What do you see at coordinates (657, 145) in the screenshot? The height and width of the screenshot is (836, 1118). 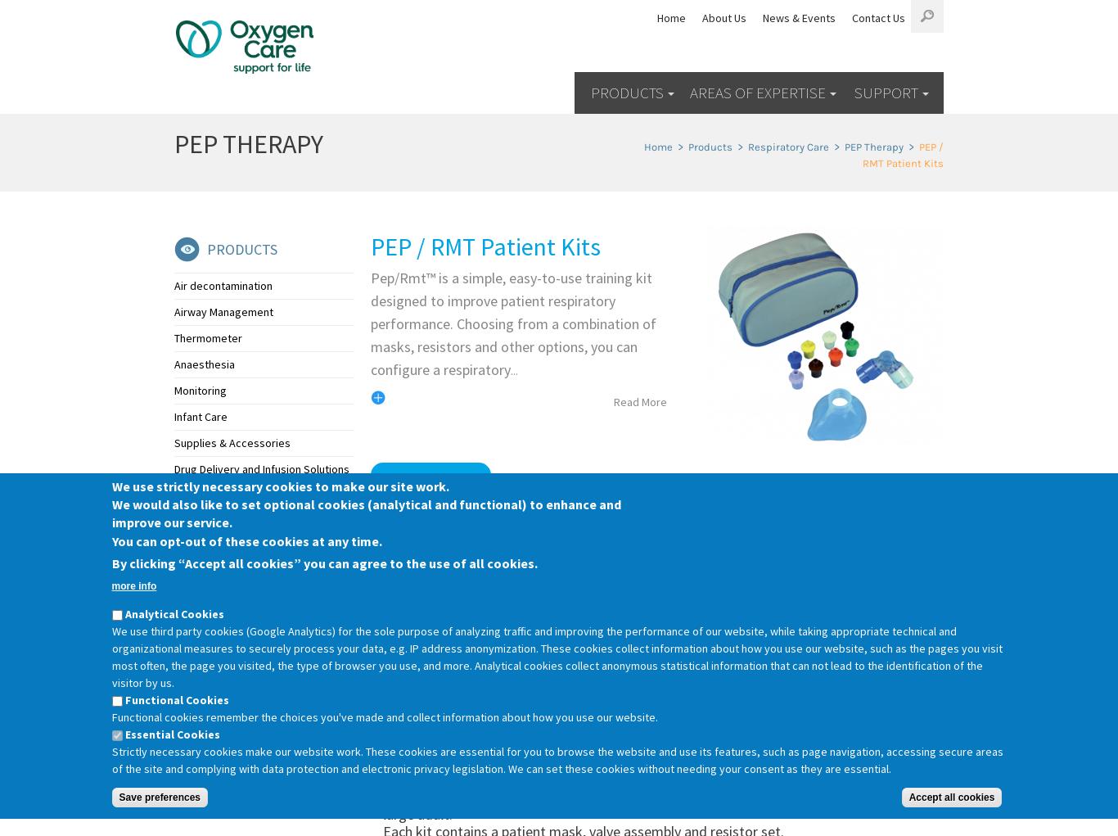 I see `'Home'` at bounding box center [657, 145].